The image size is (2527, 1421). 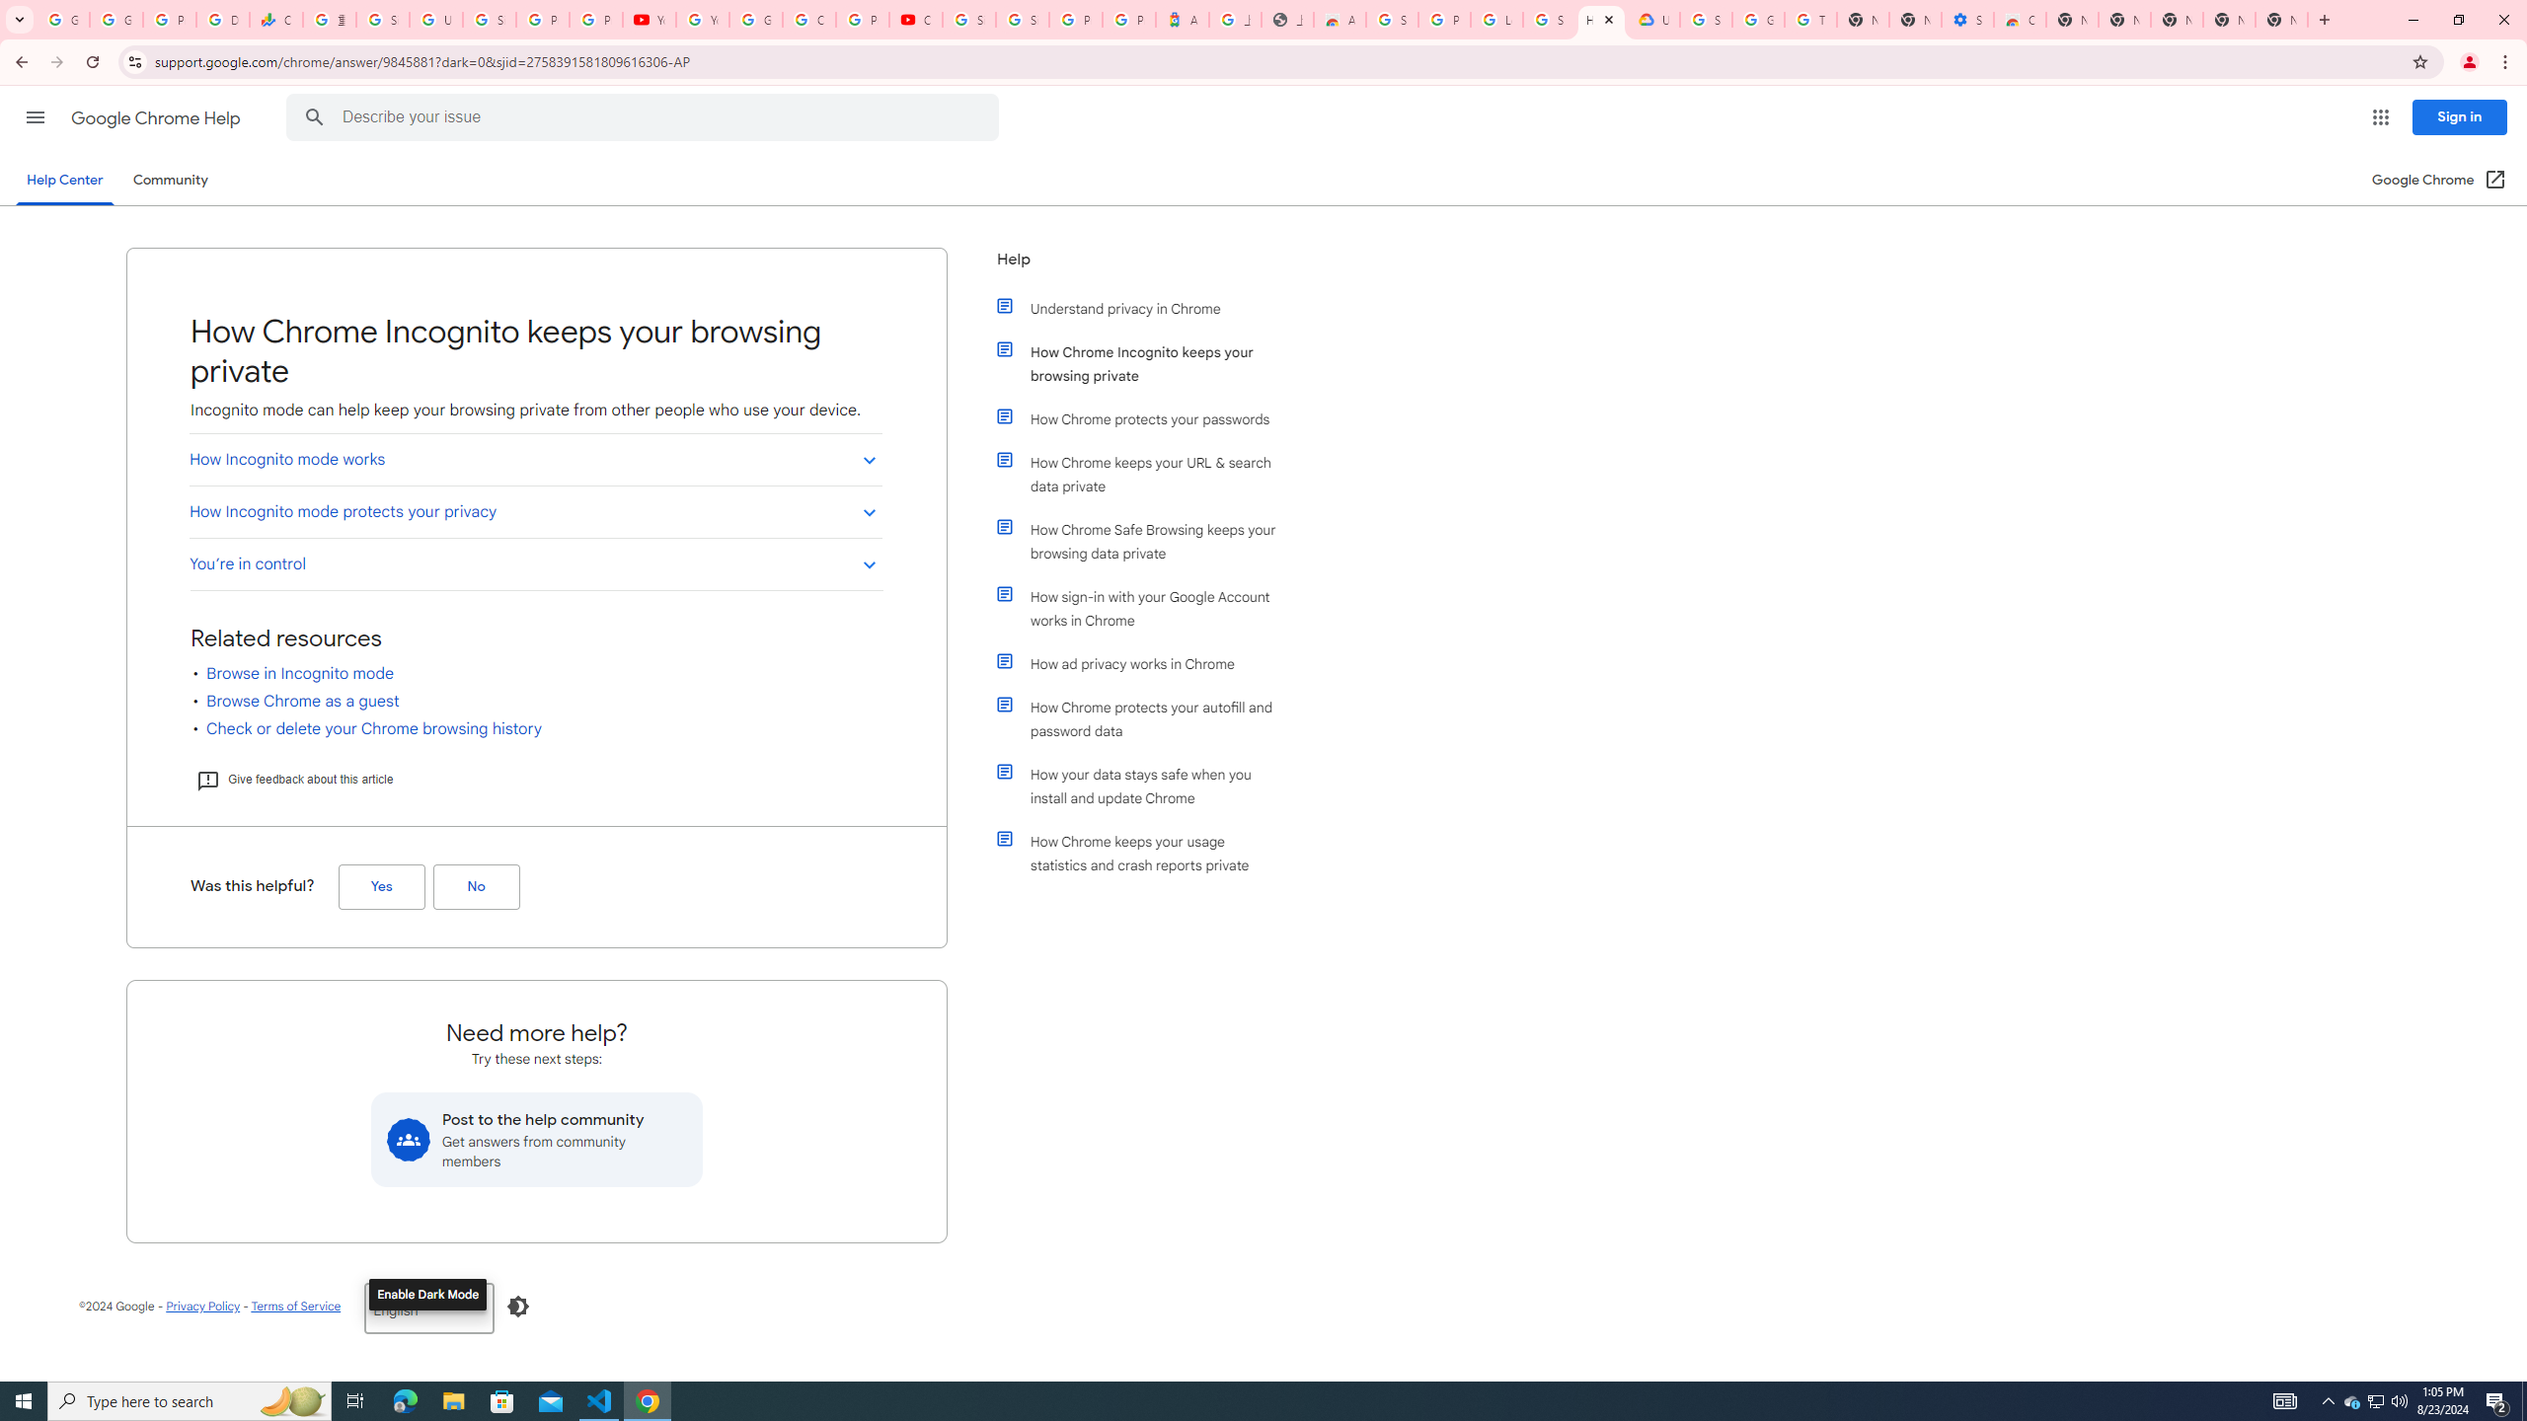 I want to click on 'Google Workspace Admin Community', so click(x=63, y=19).